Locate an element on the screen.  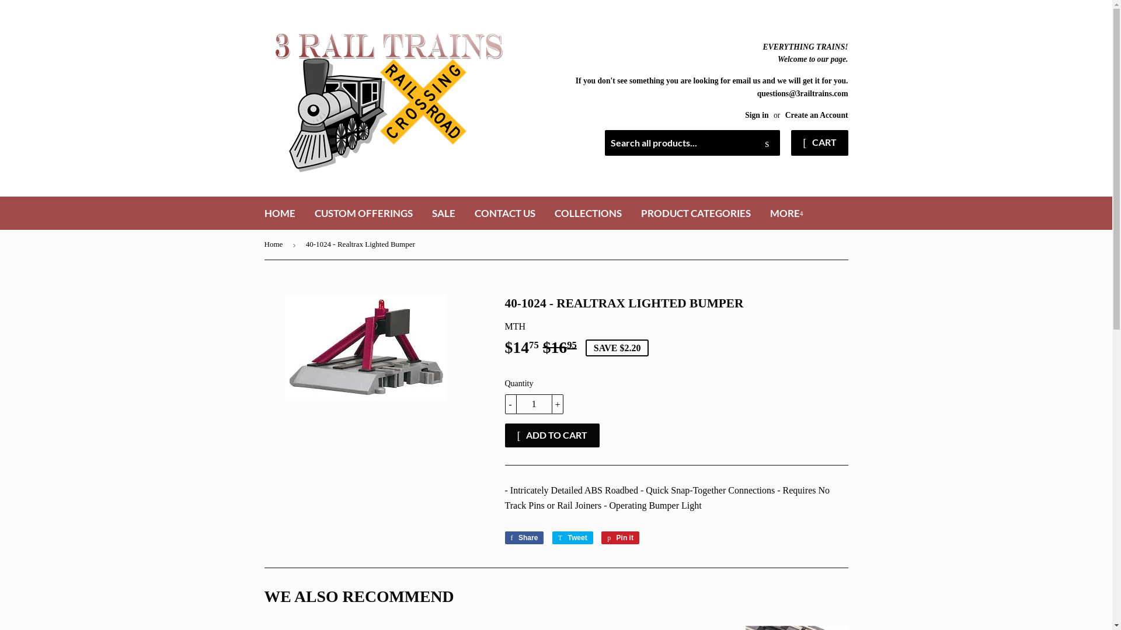
'Share is located at coordinates (523, 537).